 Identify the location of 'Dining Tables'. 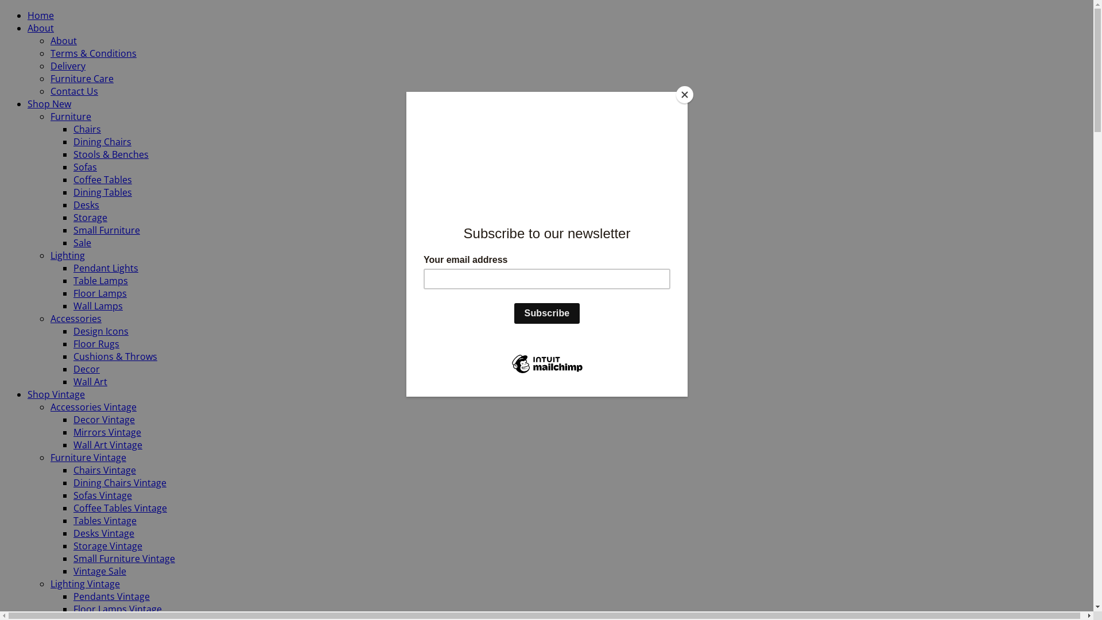
(102, 192).